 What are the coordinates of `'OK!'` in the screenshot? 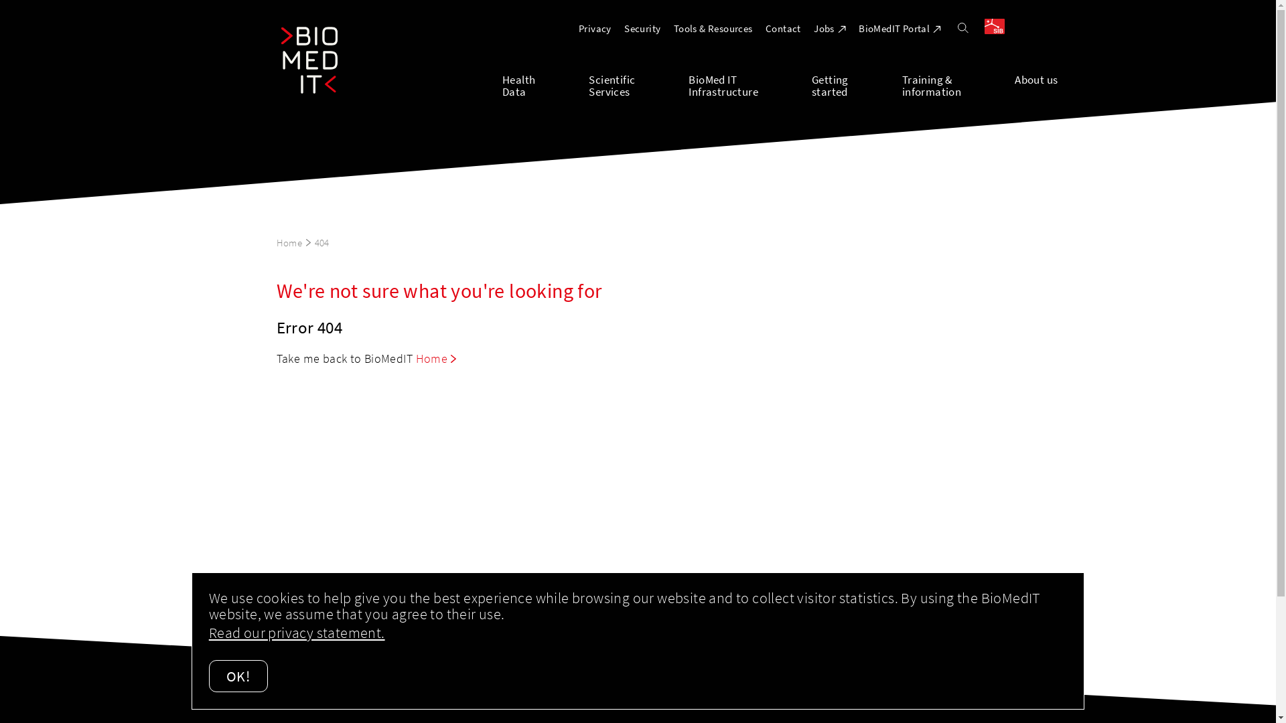 It's located at (238, 676).